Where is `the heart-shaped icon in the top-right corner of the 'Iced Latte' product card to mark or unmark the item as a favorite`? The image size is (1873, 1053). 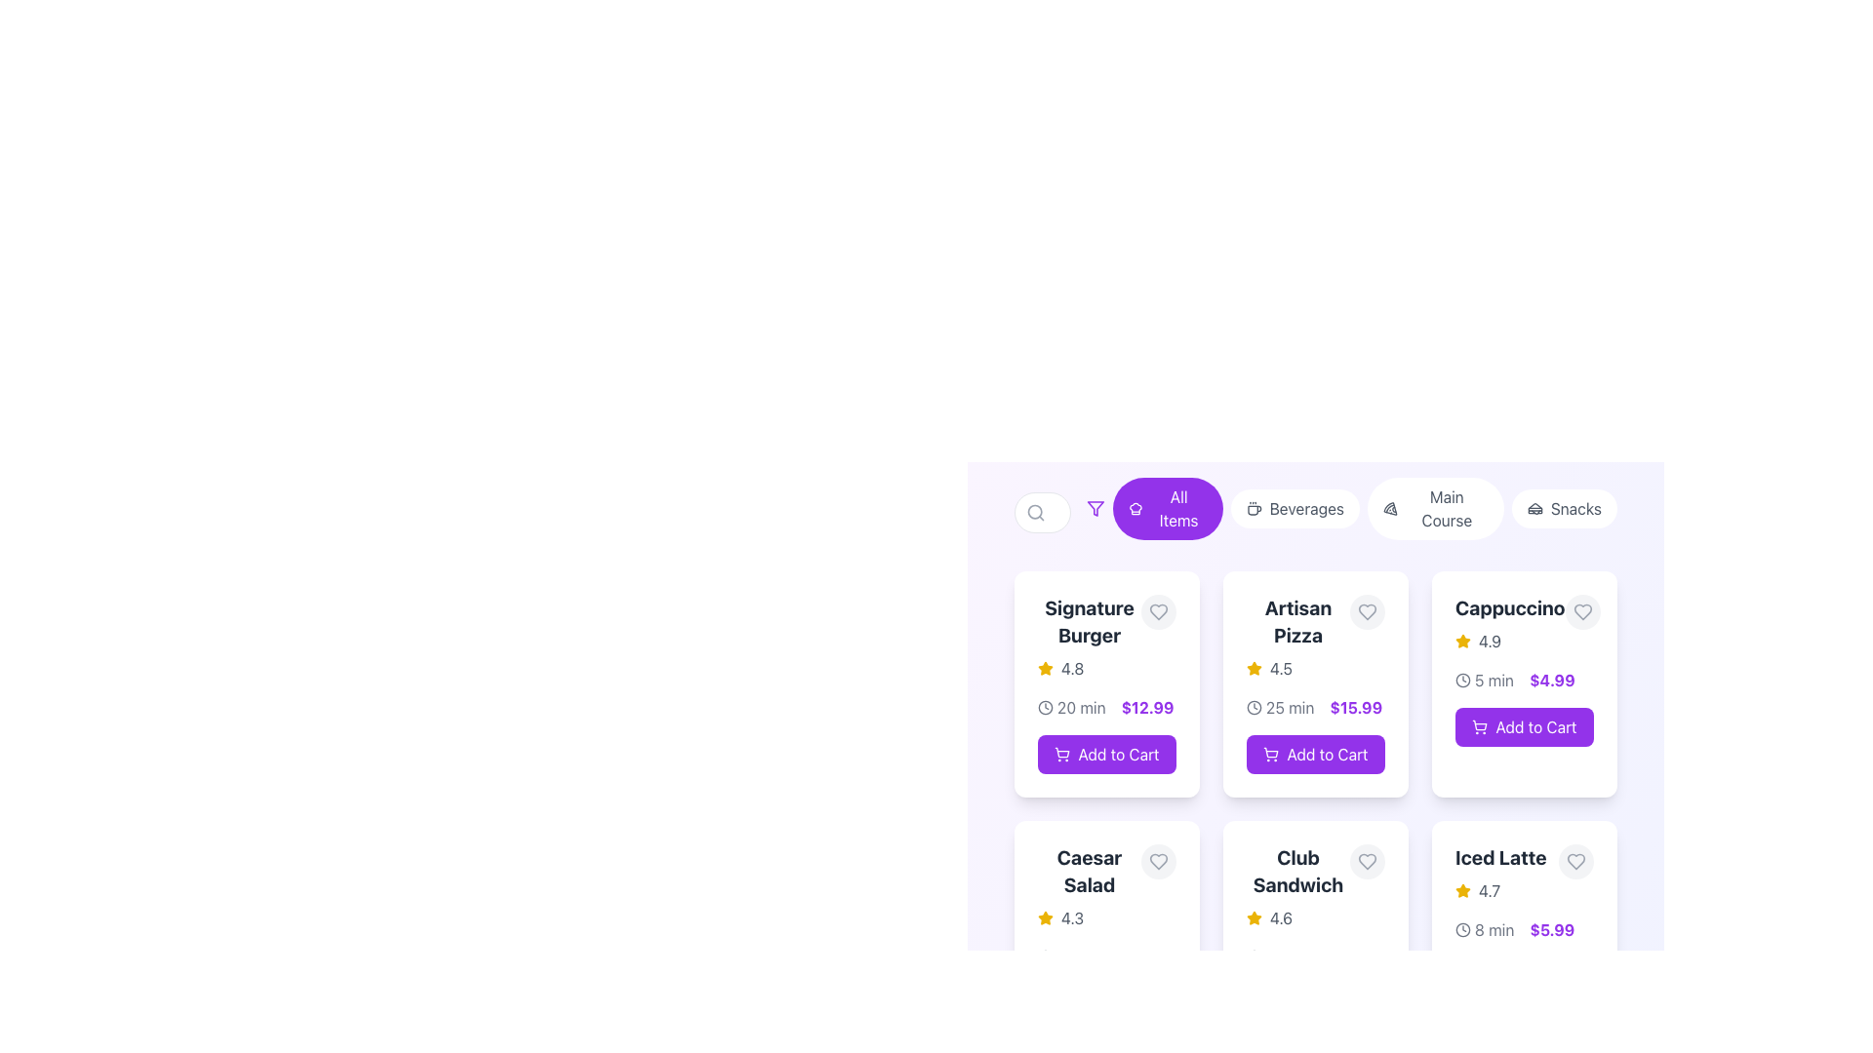
the heart-shaped icon in the top-right corner of the 'Iced Latte' product card to mark or unmark the item as a favorite is located at coordinates (1576, 860).